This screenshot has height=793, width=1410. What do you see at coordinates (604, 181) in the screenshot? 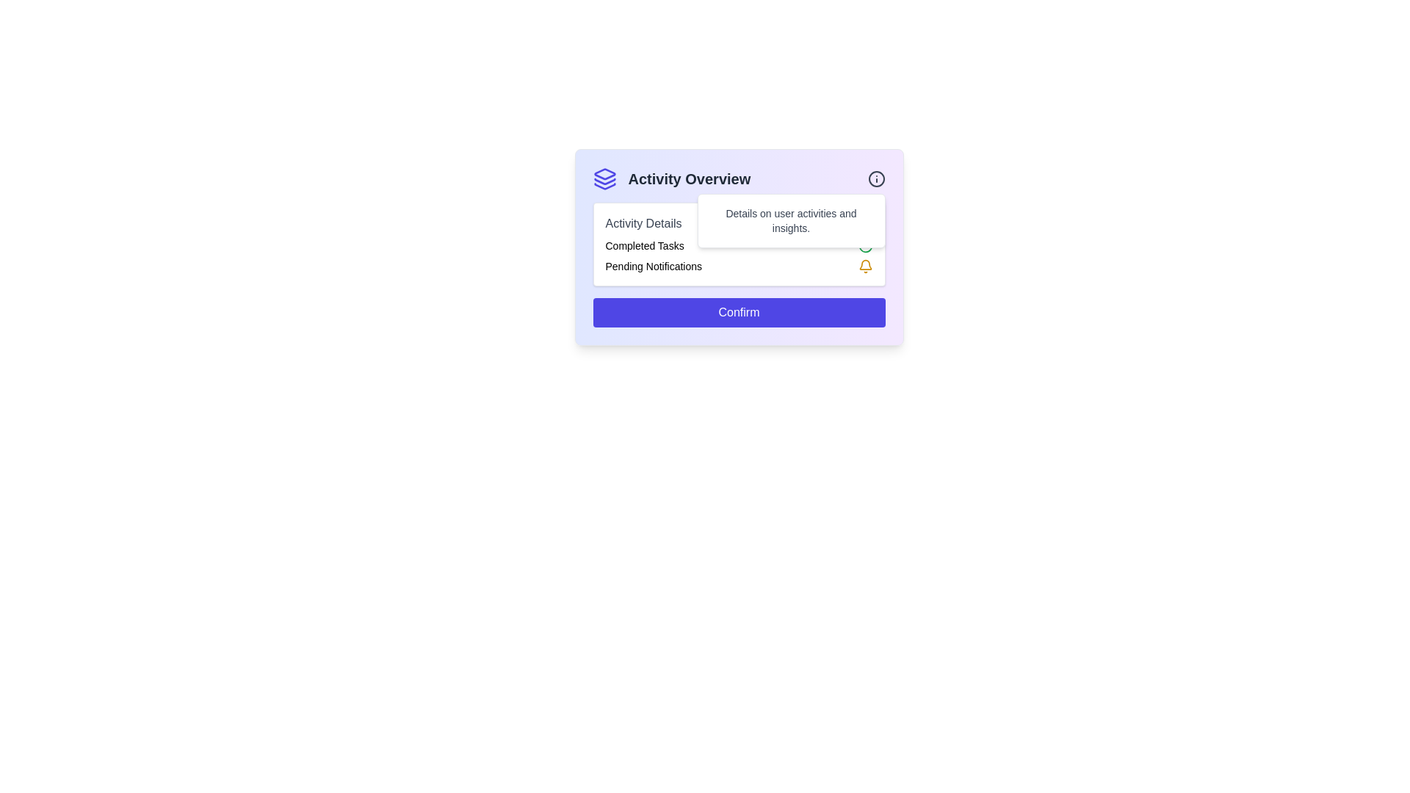
I see `the middle layer of the 'Activity Overview' icon, which is a parallelogram shape located to the left of the text` at bounding box center [604, 181].